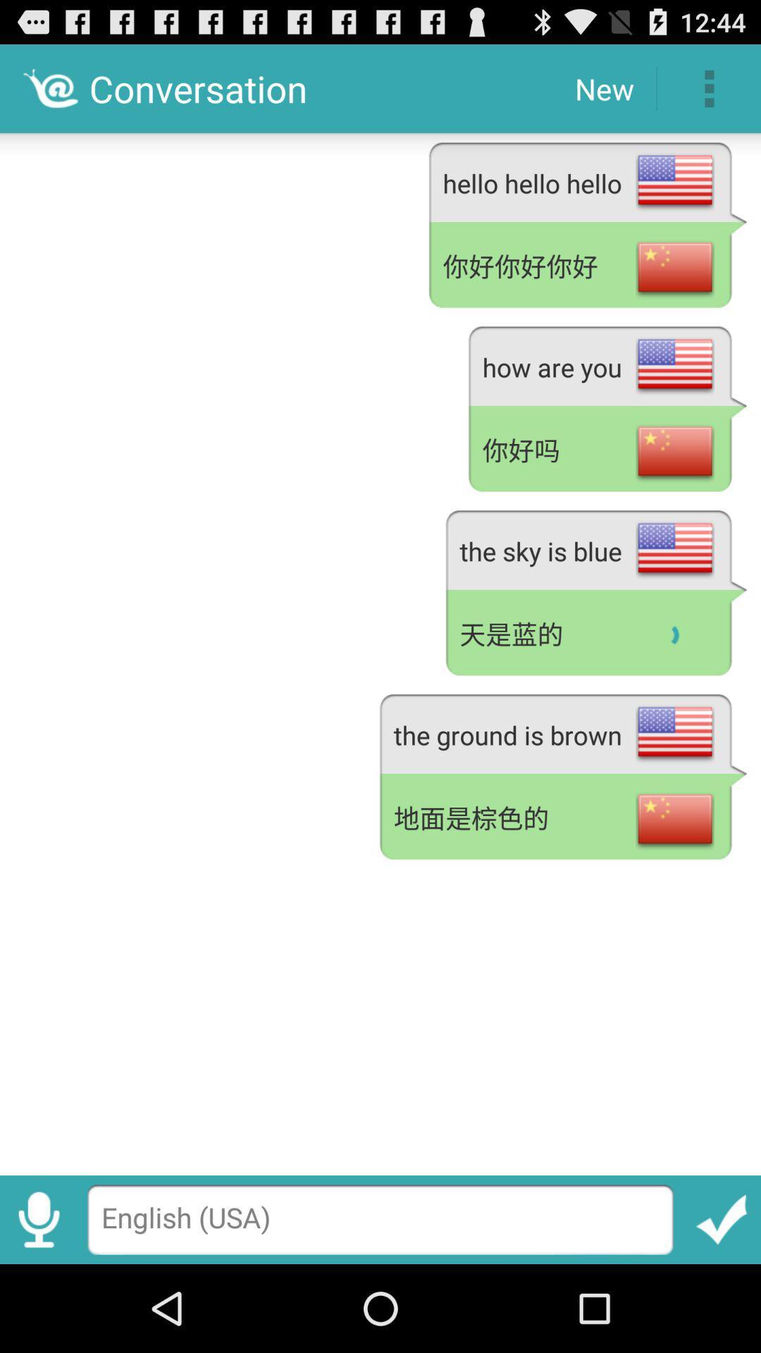  I want to click on the app above the the ground is app, so click(596, 634).